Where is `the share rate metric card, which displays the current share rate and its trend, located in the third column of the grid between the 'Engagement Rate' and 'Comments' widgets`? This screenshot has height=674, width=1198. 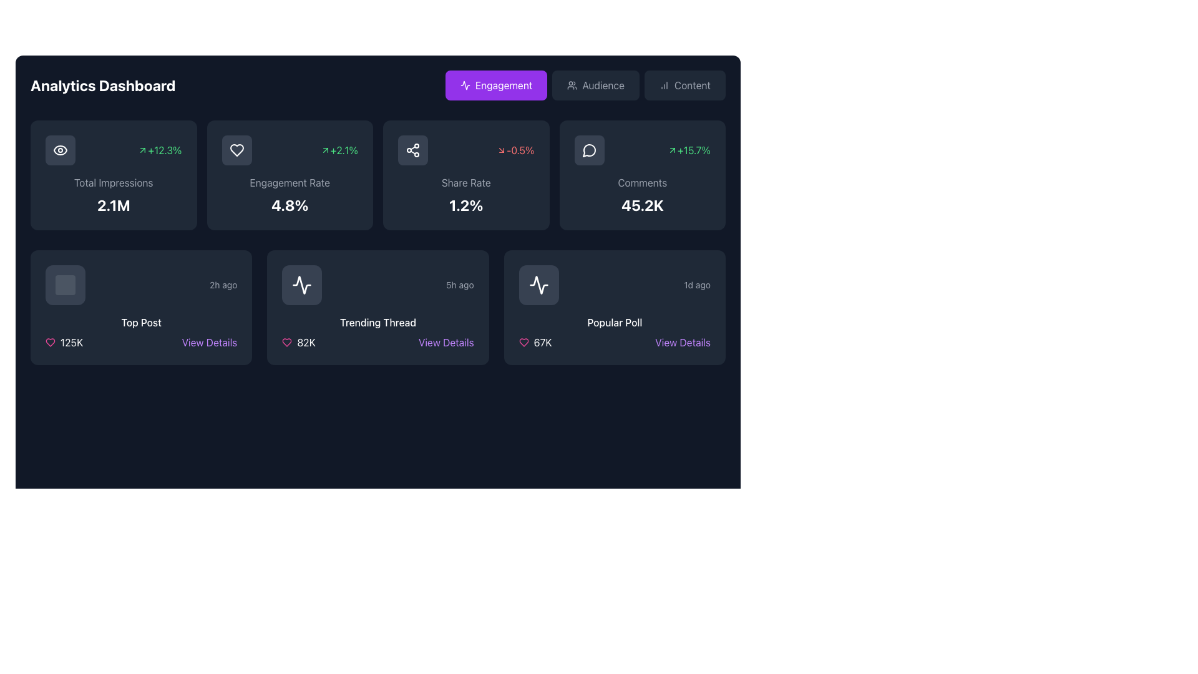 the share rate metric card, which displays the current share rate and its trend, located in the third column of the grid between the 'Engagement Rate' and 'Comments' widgets is located at coordinates (465, 175).